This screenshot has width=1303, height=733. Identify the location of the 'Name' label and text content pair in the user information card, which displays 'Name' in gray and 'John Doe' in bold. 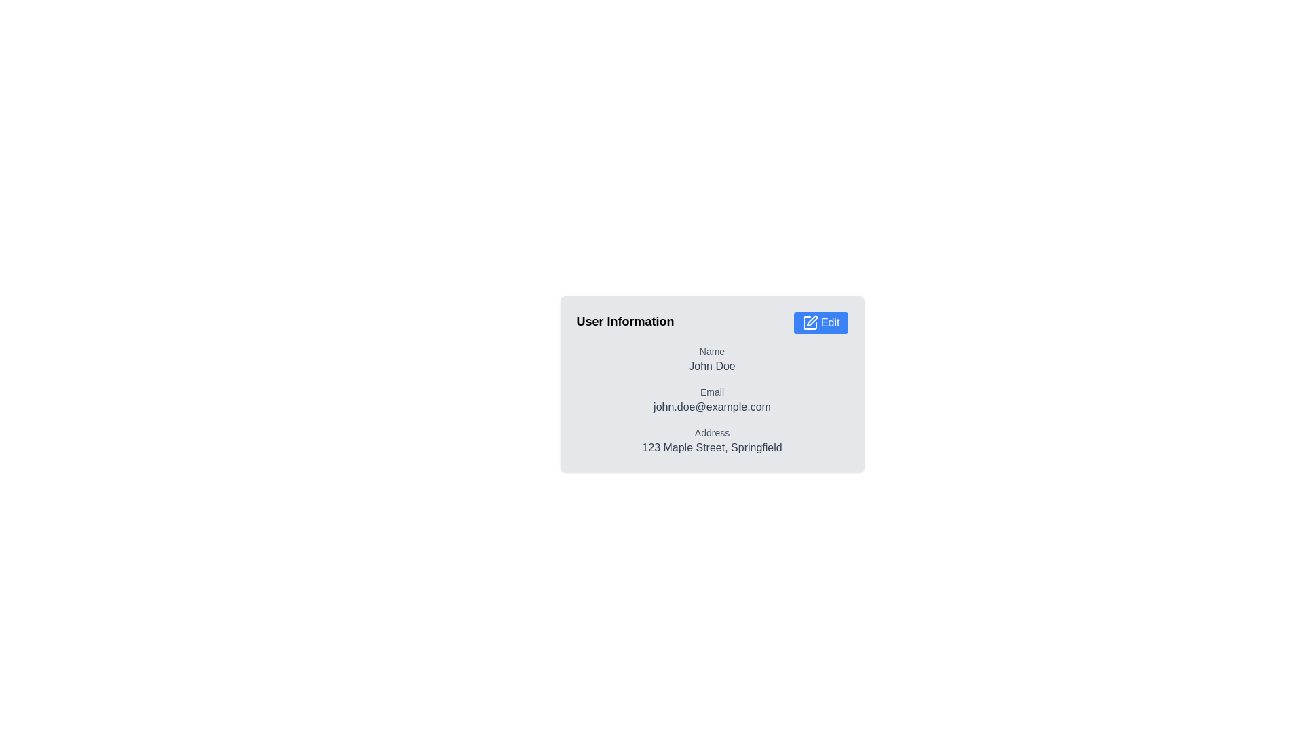
(711, 358).